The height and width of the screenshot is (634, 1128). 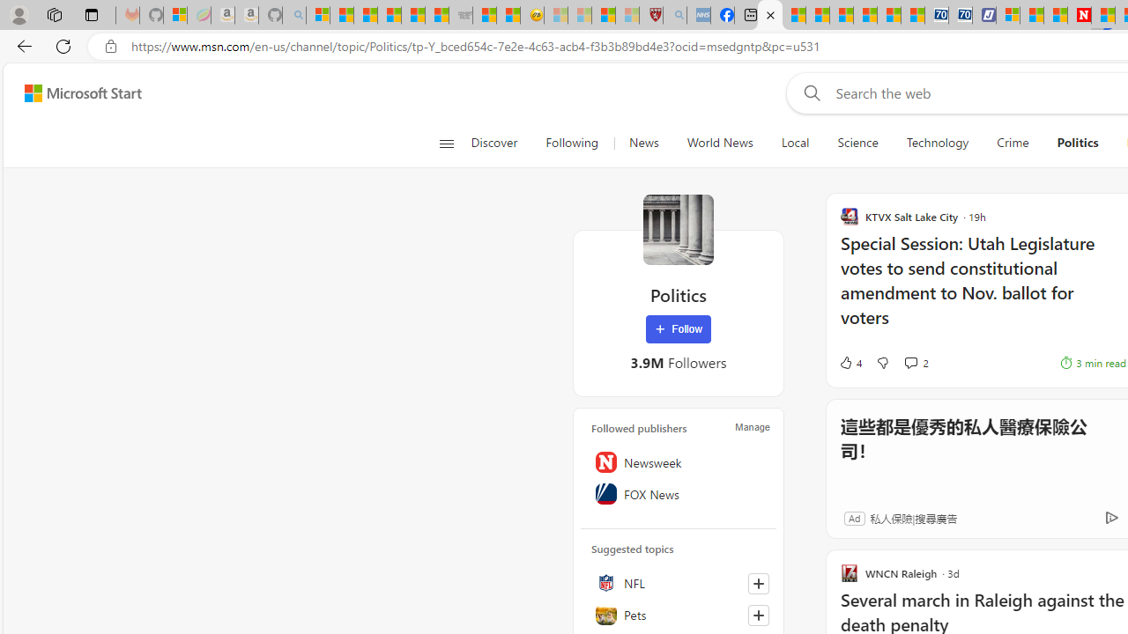 I want to click on 'NFL', so click(x=678, y=583).